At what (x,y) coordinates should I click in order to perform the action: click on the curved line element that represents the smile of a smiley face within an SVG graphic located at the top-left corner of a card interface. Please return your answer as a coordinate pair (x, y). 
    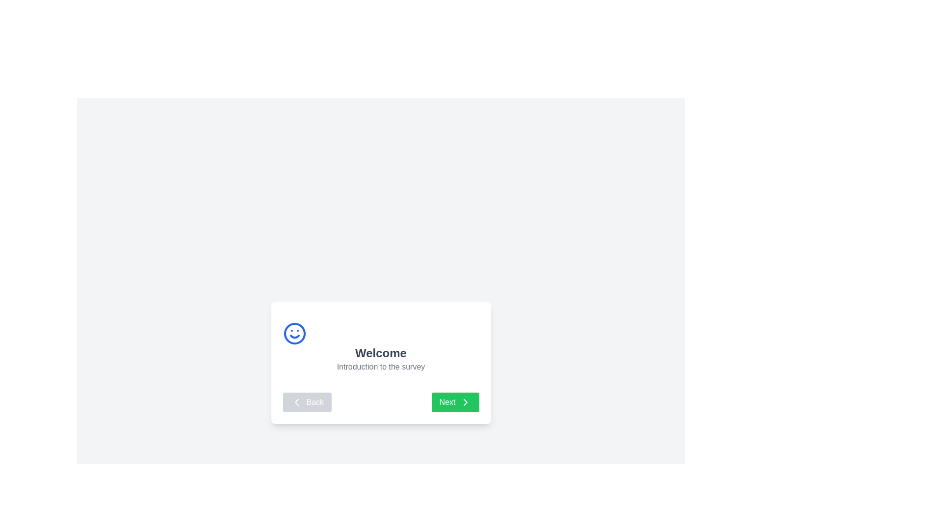
    Looking at the image, I should click on (294, 336).